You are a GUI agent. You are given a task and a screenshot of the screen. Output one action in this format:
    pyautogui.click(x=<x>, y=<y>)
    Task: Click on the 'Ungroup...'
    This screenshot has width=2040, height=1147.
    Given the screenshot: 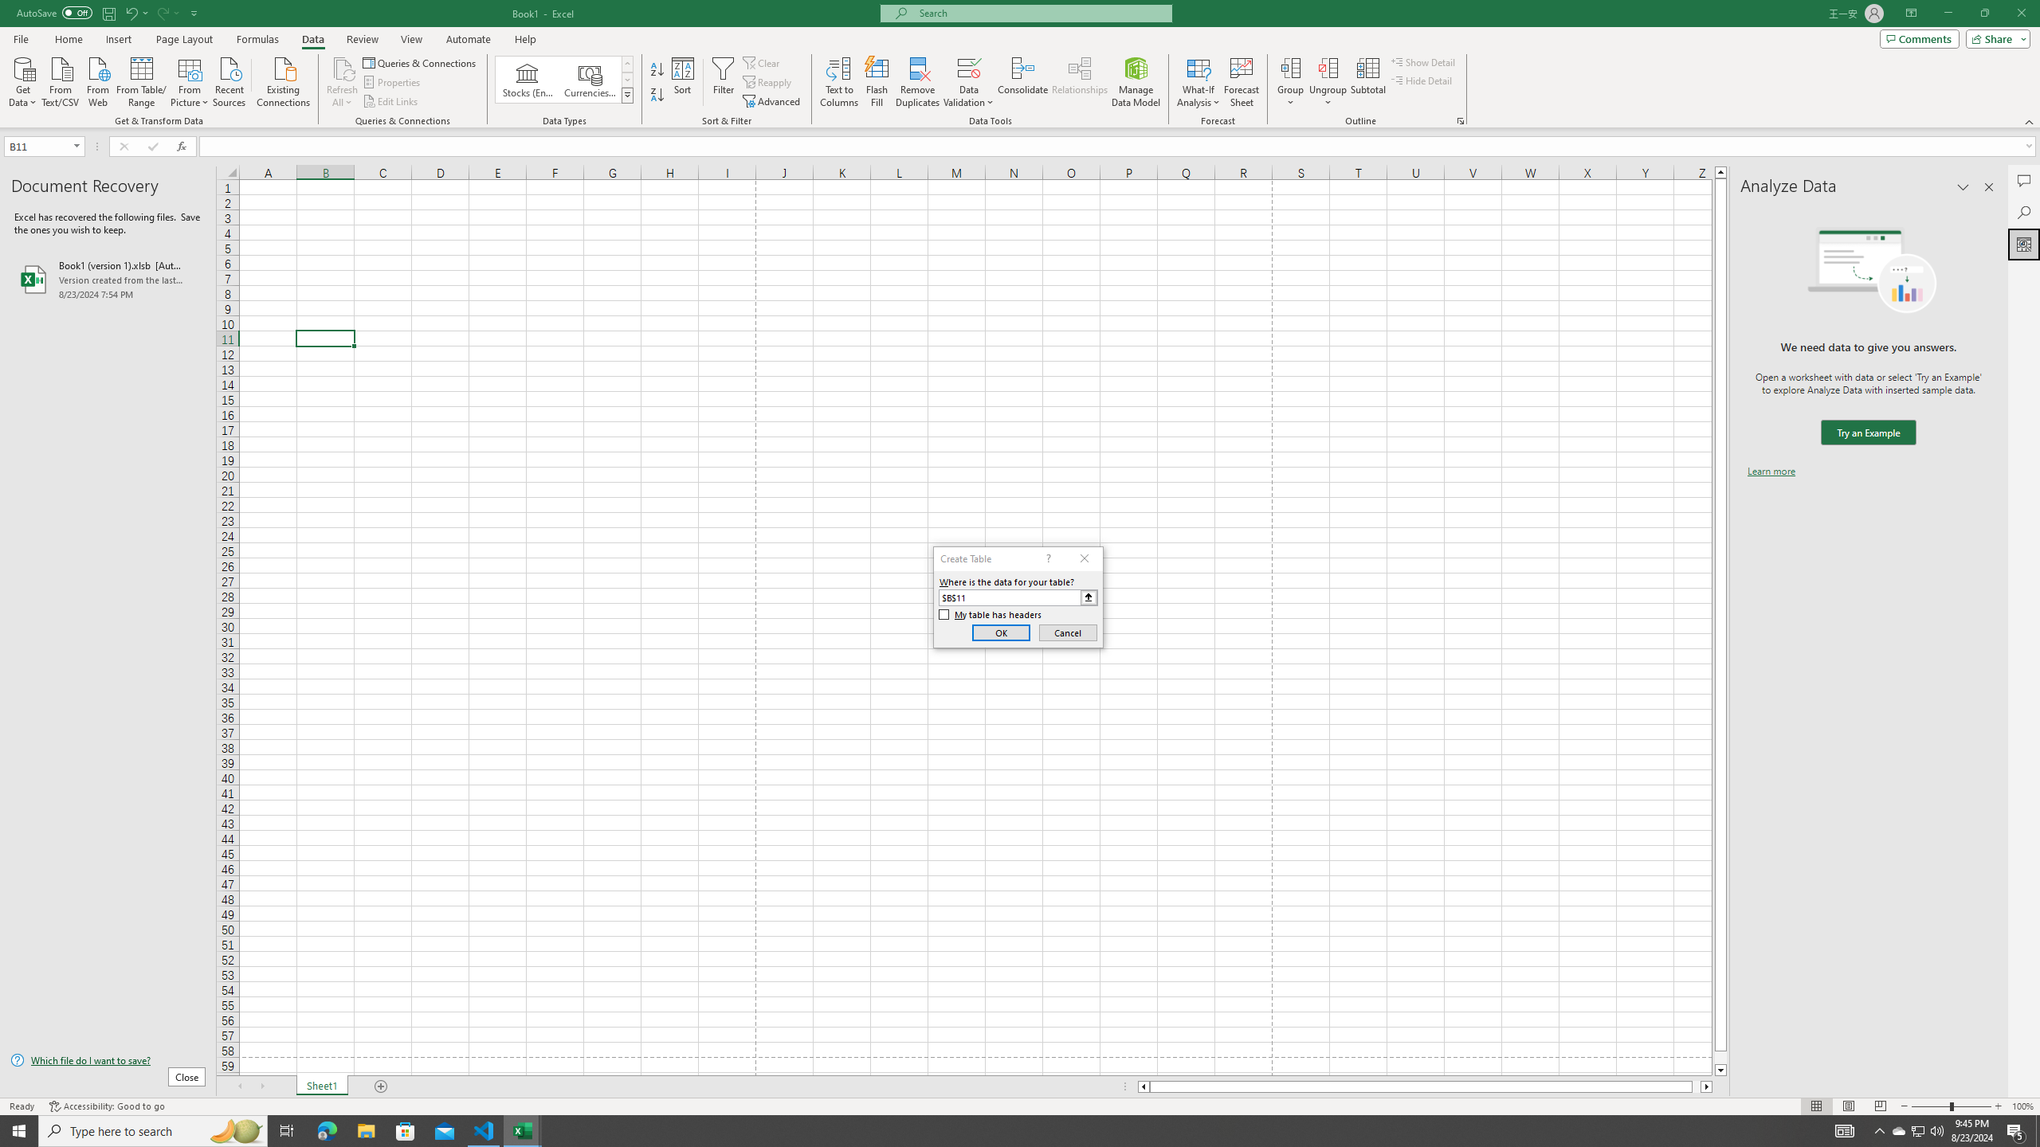 What is the action you would take?
    pyautogui.click(x=1328, y=82)
    